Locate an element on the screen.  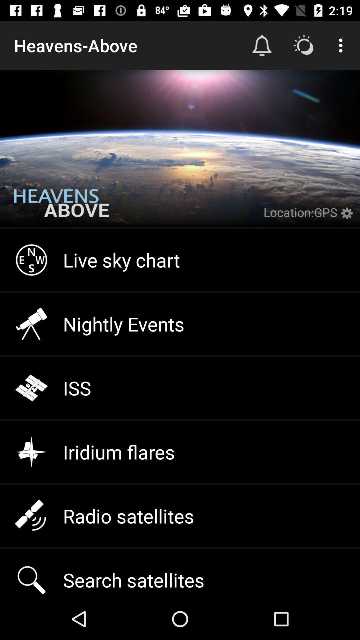
open options is located at coordinates (348, 217).